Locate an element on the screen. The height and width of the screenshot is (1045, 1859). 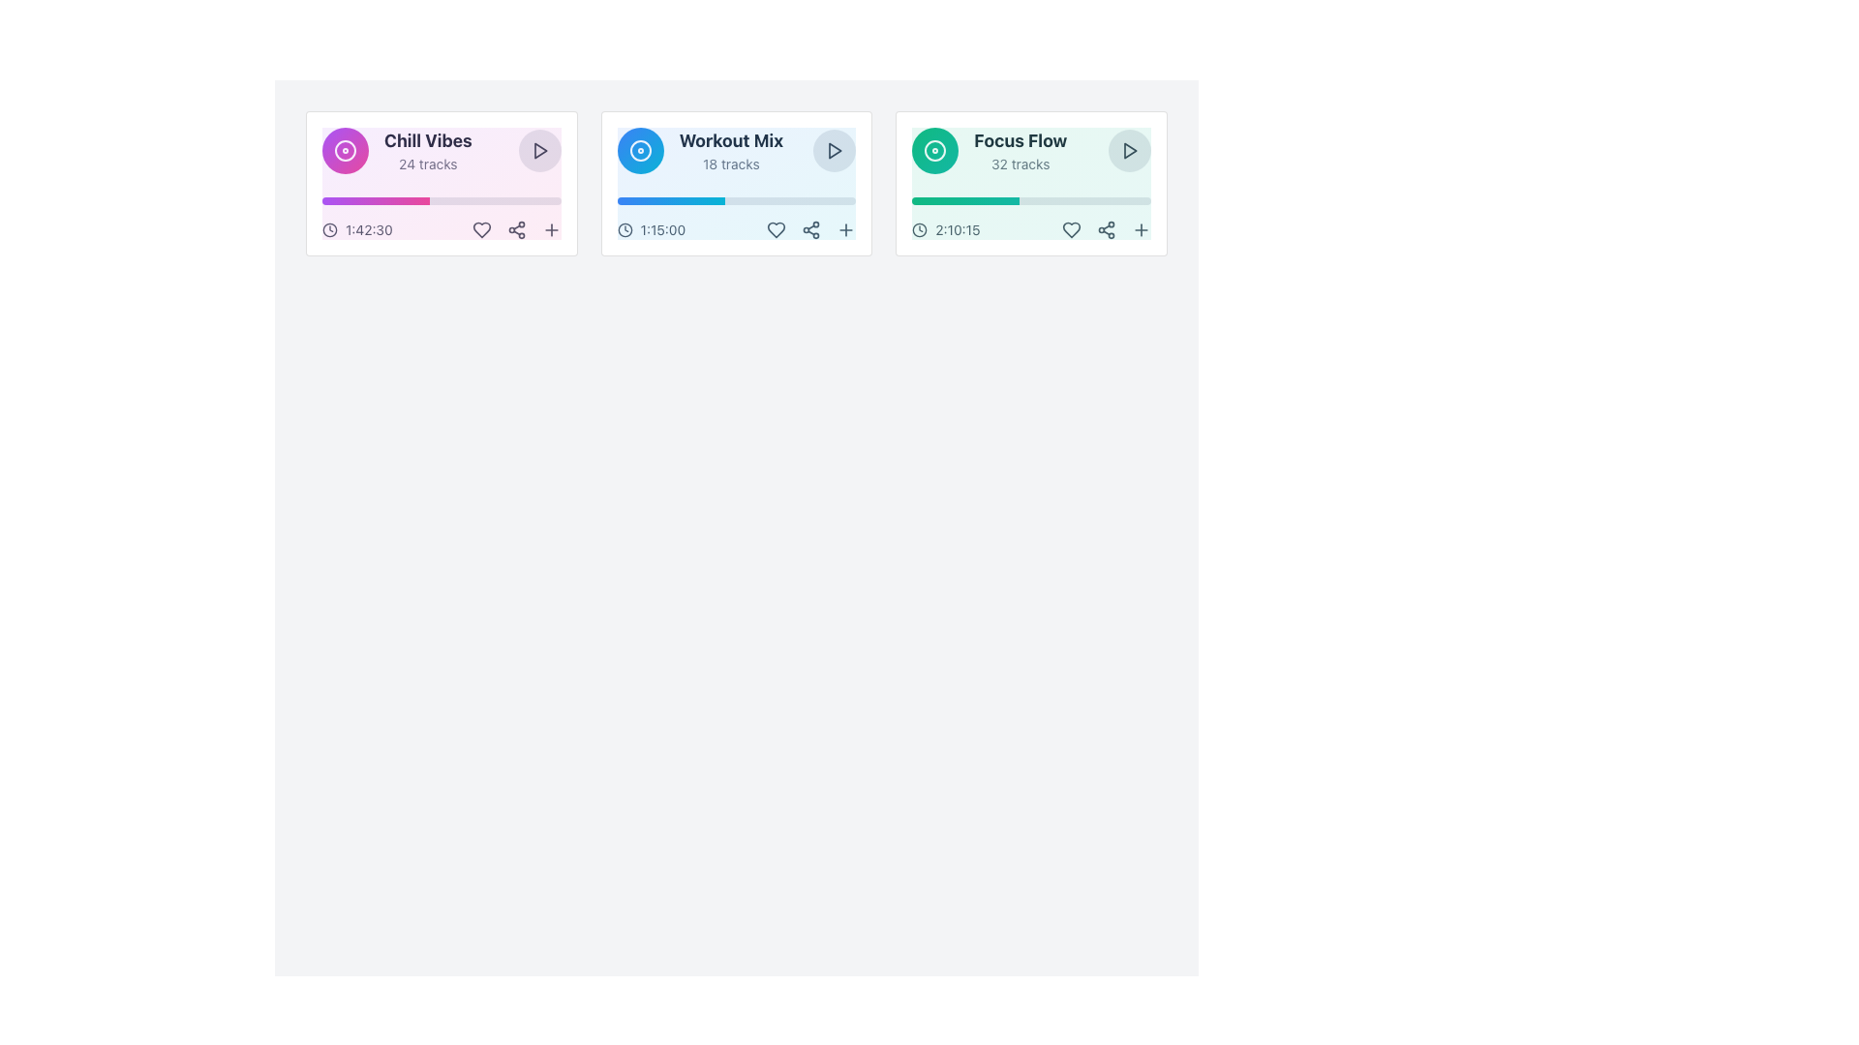
the progress indicated by the rectangular progress bar located in the center of the 'Workout Mix' playlist card, beneath the title 'Workout Mix' is located at coordinates (735, 201).